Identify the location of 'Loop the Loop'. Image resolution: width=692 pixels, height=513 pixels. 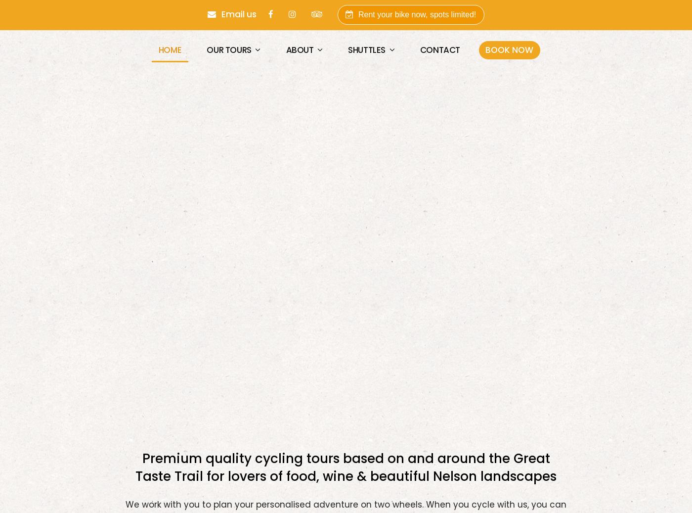
(364, 214).